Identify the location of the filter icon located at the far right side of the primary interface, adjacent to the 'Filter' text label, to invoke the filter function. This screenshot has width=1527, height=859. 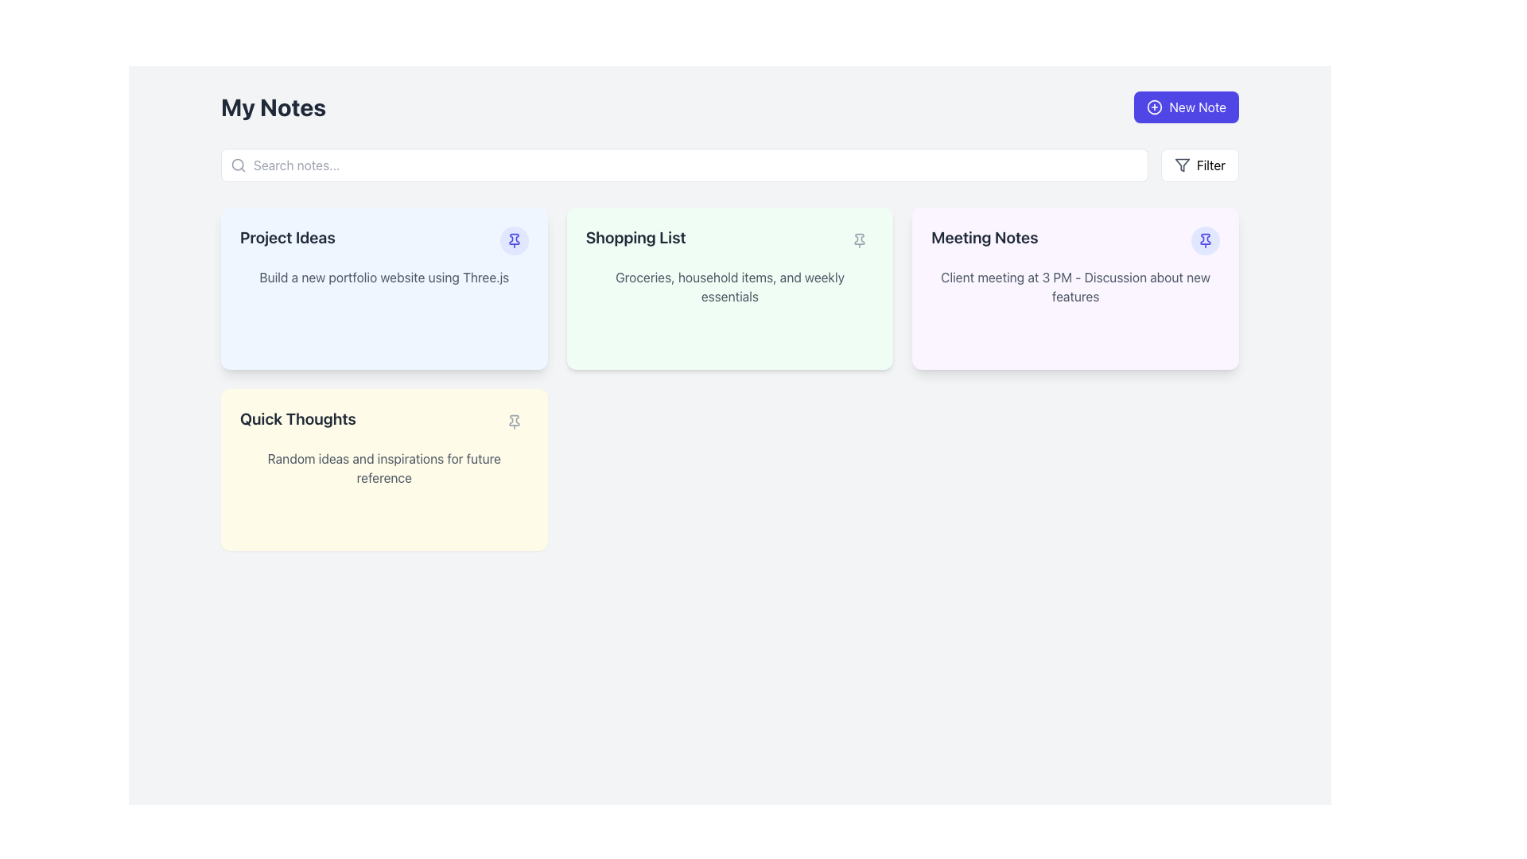
(1182, 165).